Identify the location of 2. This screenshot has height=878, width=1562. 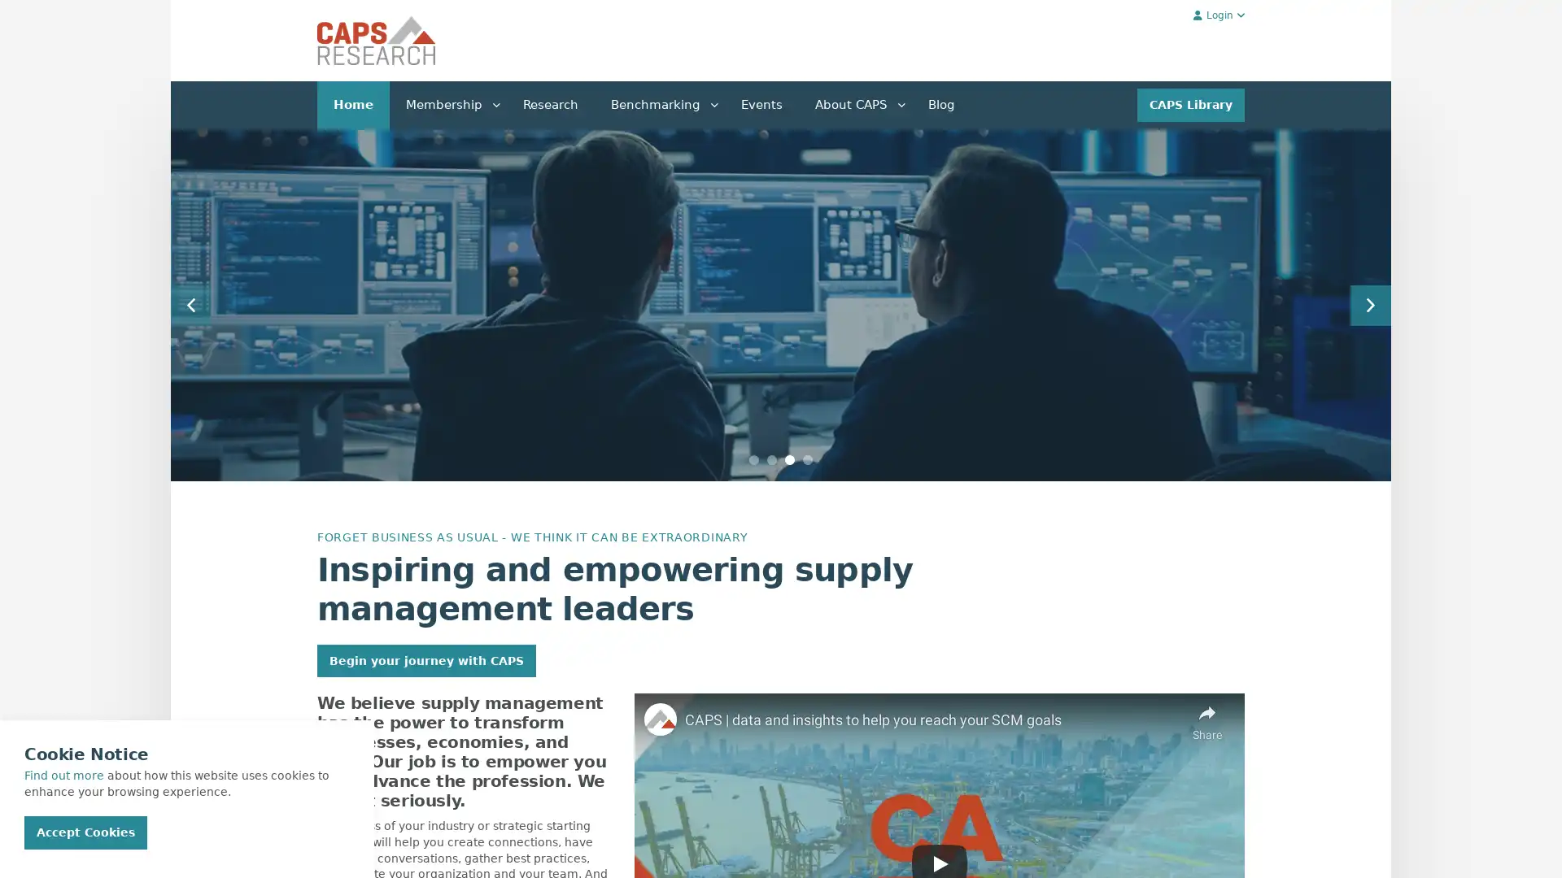
(771, 460).